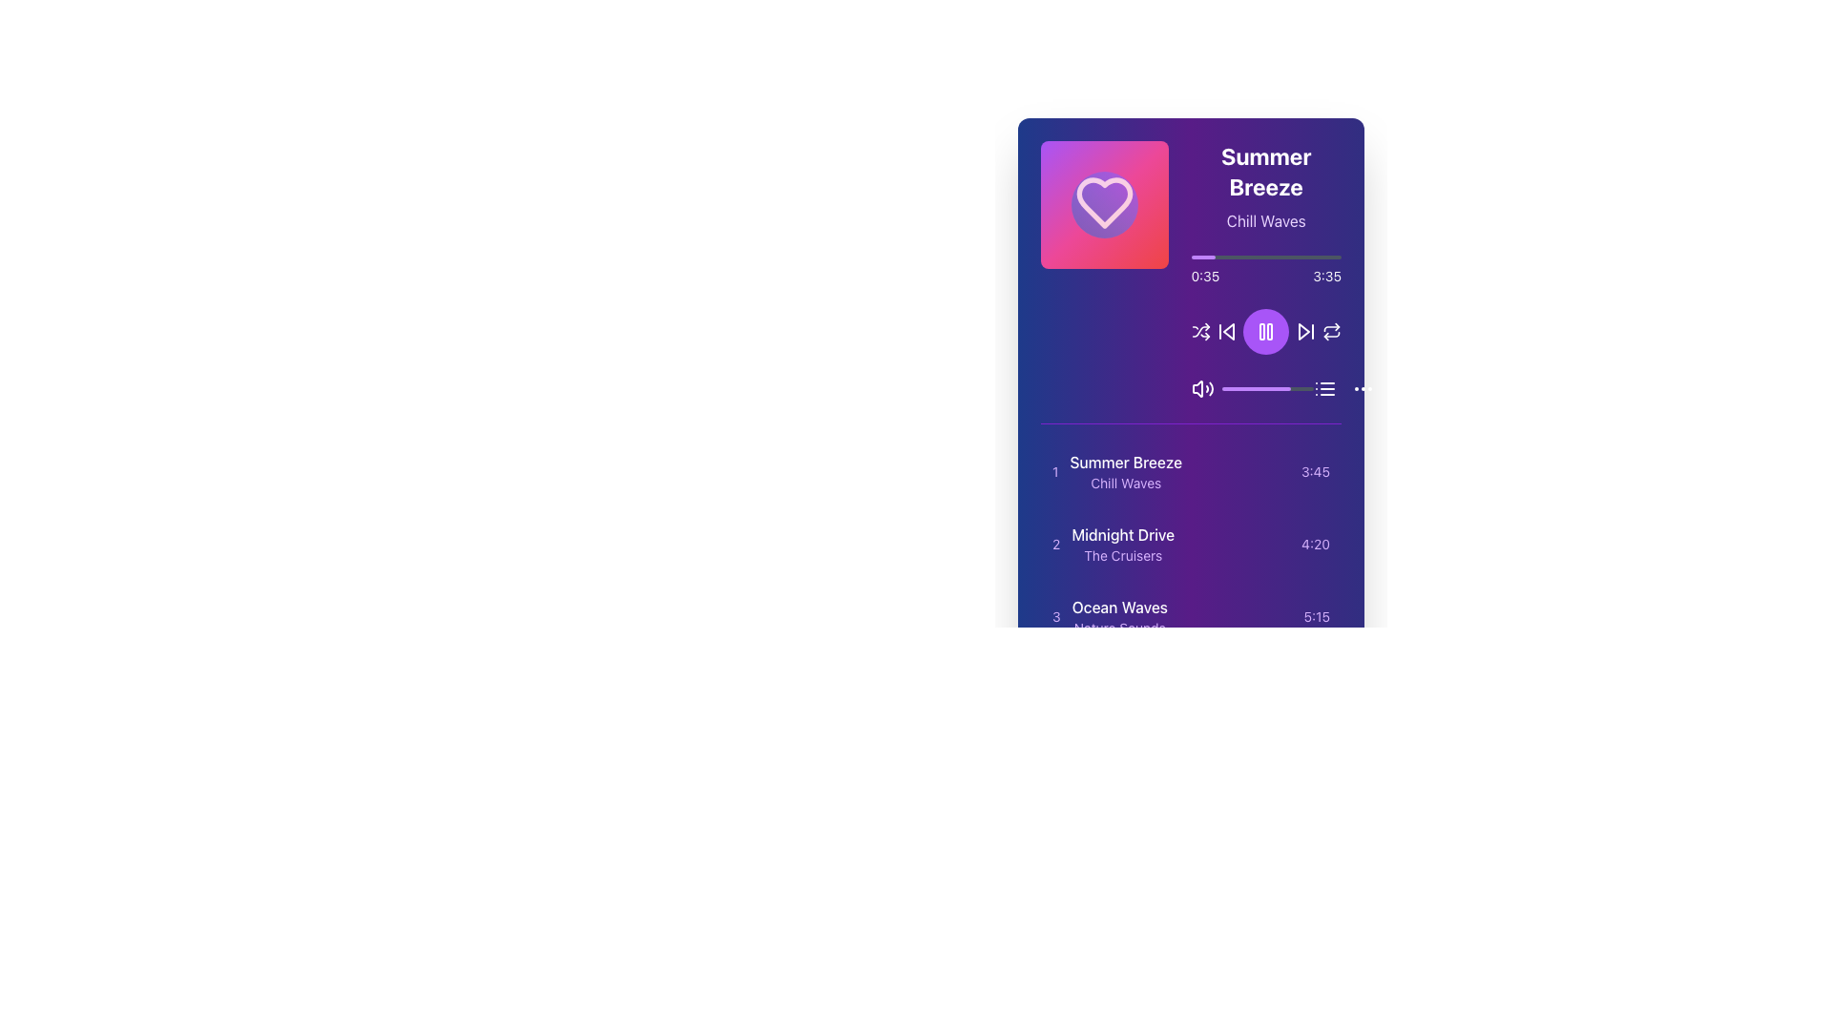 Image resolution: width=1832 pixels, height=1030 pixels. Describe the element at coordinates (1190, 617) in the screenshot. I see `the audio track list item displaying 'Ocean Waves'` at that location.